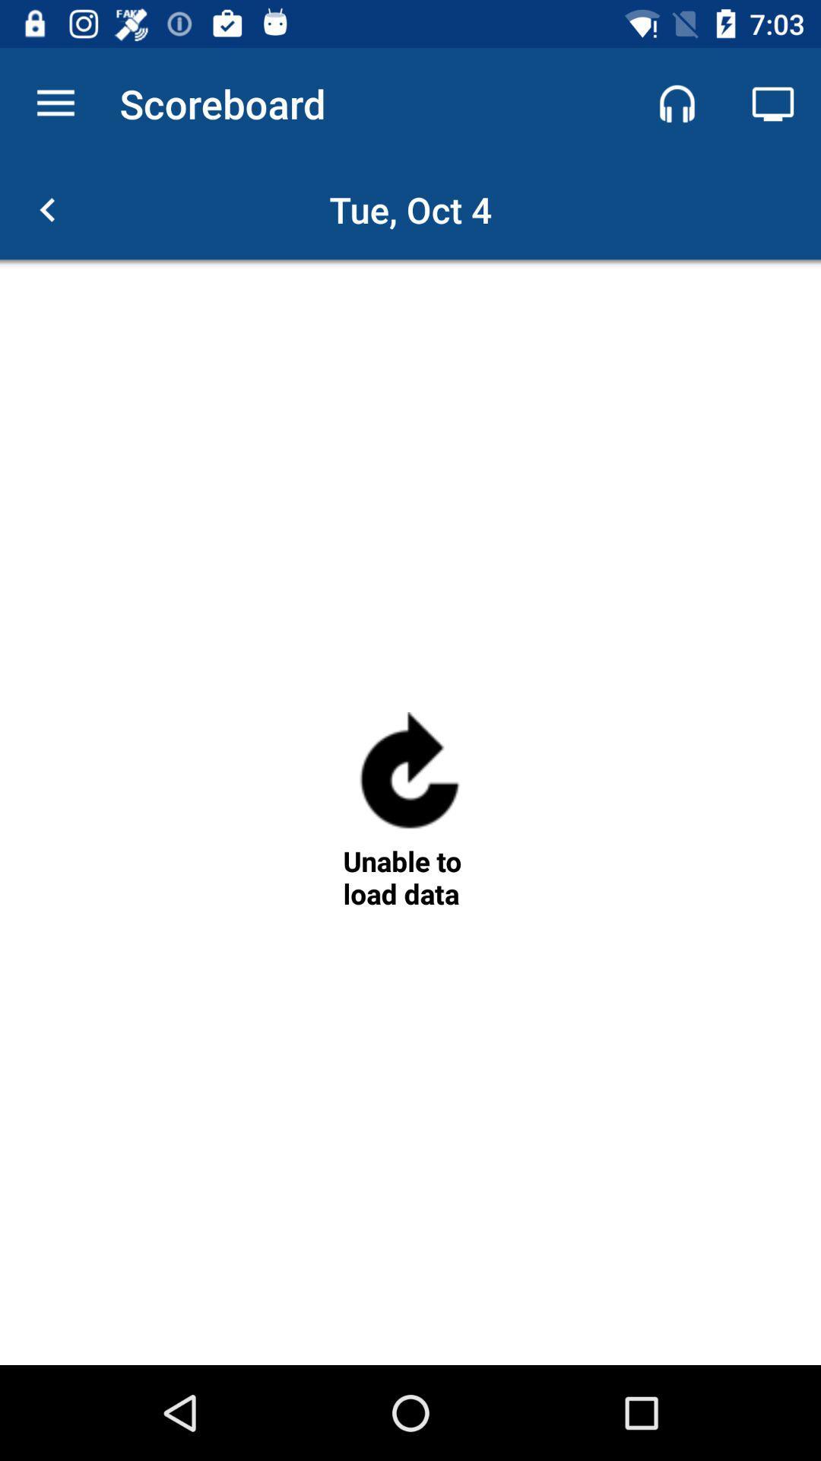  I want to click on the arrow_backward icon, so click(46, 208).